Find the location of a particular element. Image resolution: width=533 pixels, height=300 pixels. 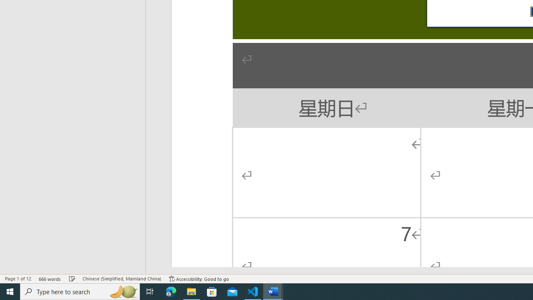

'File Explorer - 1 running window' is located at coordinates (191, 291).